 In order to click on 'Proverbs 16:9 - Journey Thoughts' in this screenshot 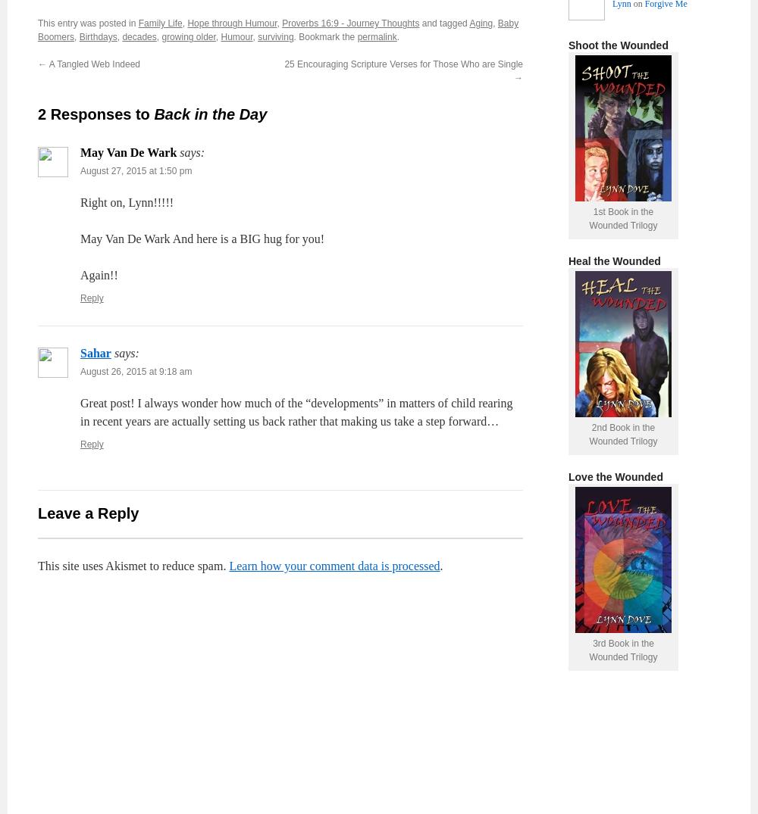, I will do `click(349, 22)`.